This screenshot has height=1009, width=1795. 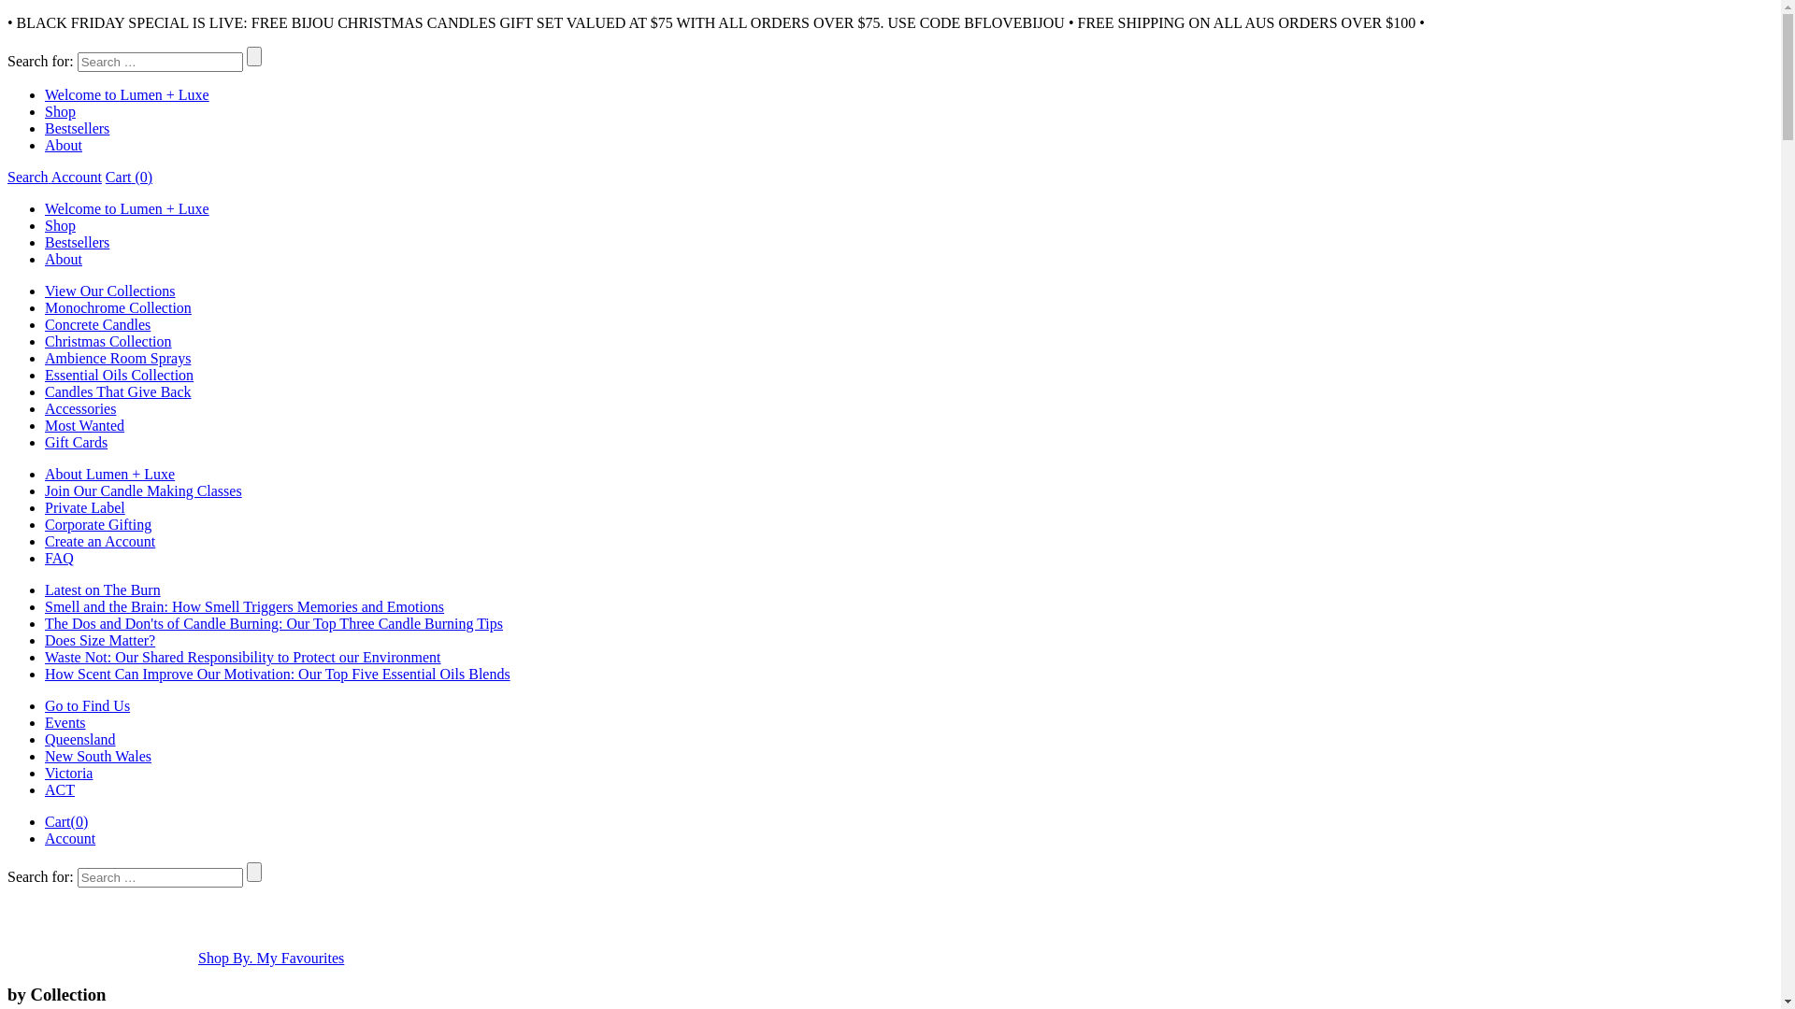 I want to click on 'View Our Collections', so click(x=108, y=291).